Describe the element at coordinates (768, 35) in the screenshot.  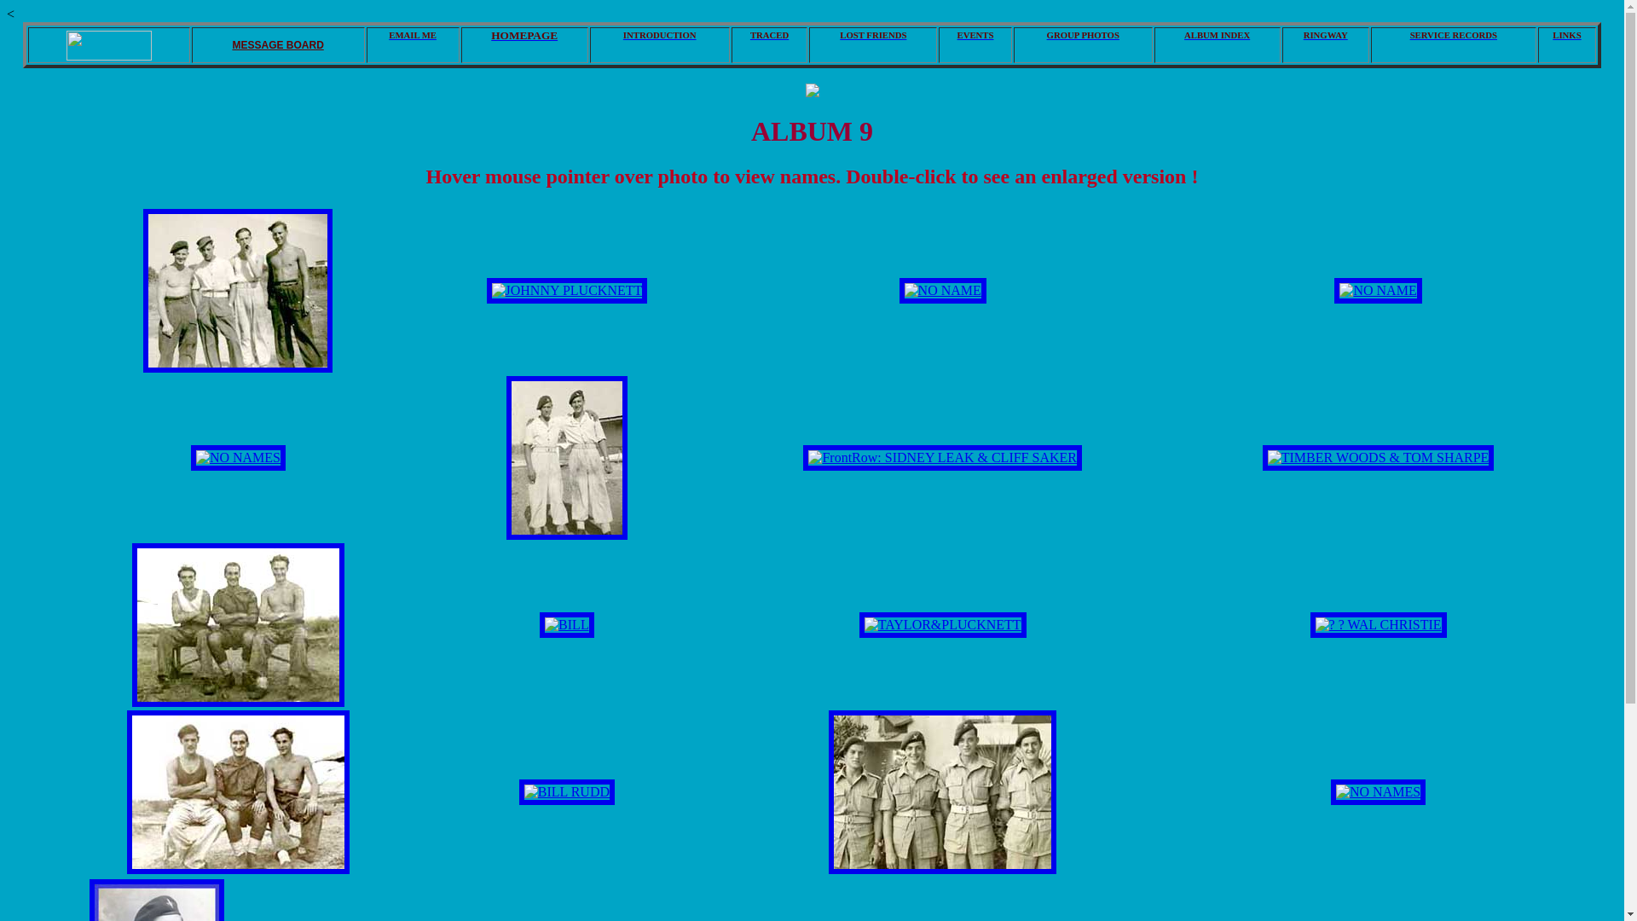
I see `'TRACED'` at that location.